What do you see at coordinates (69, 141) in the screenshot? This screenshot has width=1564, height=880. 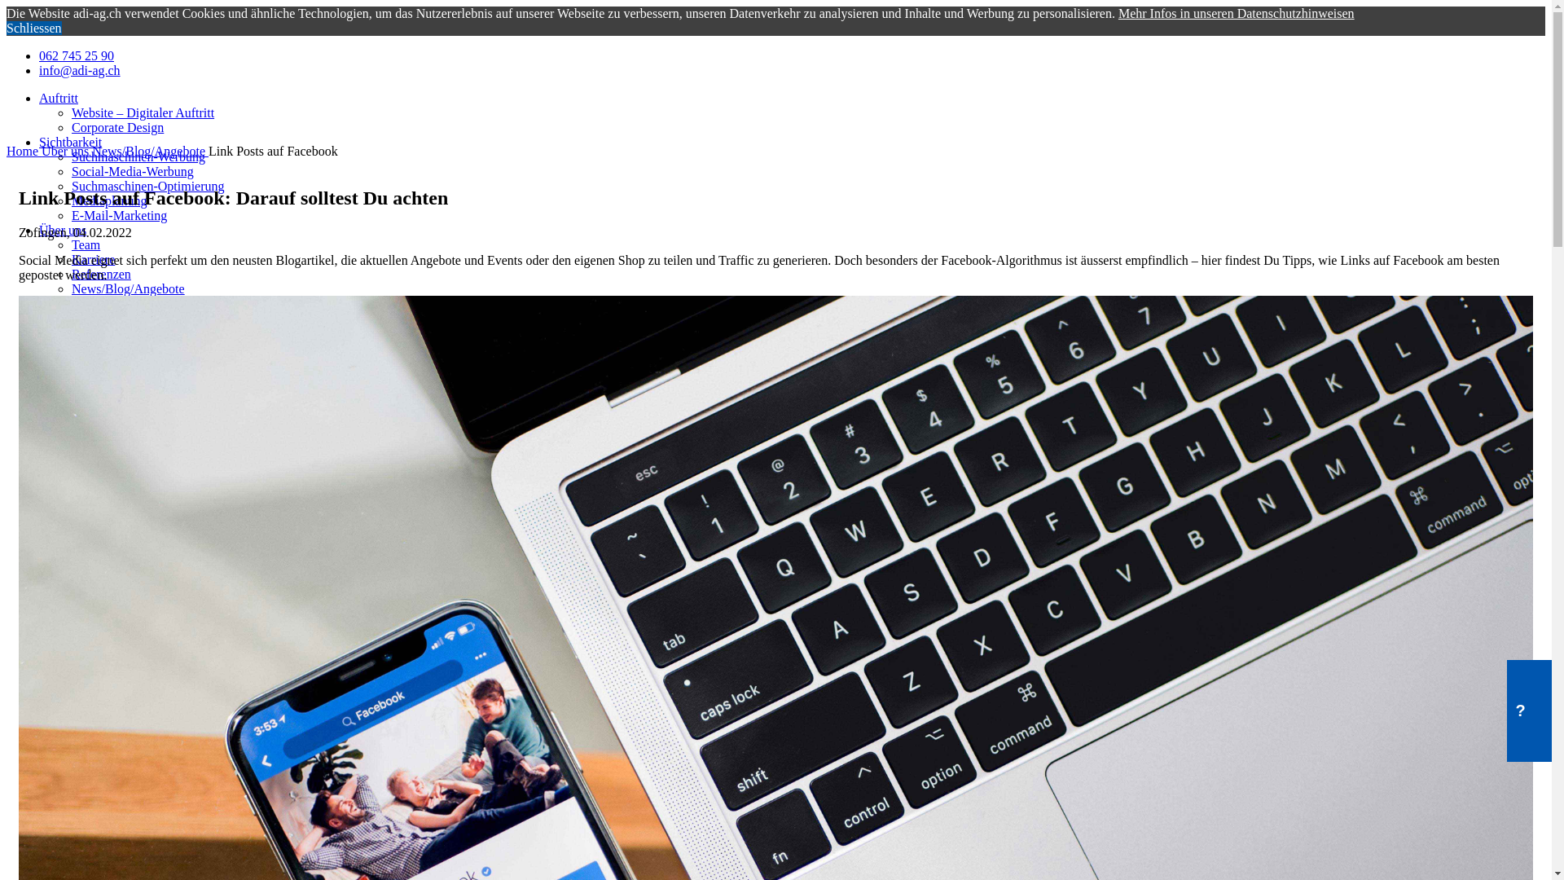 I see `'Sichtbarkeit'` at bounding box center [69, 141].